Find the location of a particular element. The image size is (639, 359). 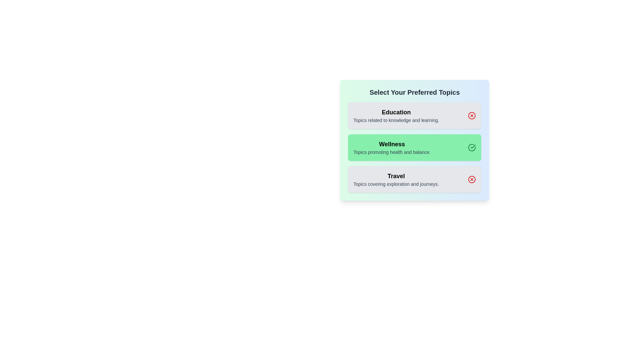

the topic Wellness to view its description is located at coordinates (392, 147).